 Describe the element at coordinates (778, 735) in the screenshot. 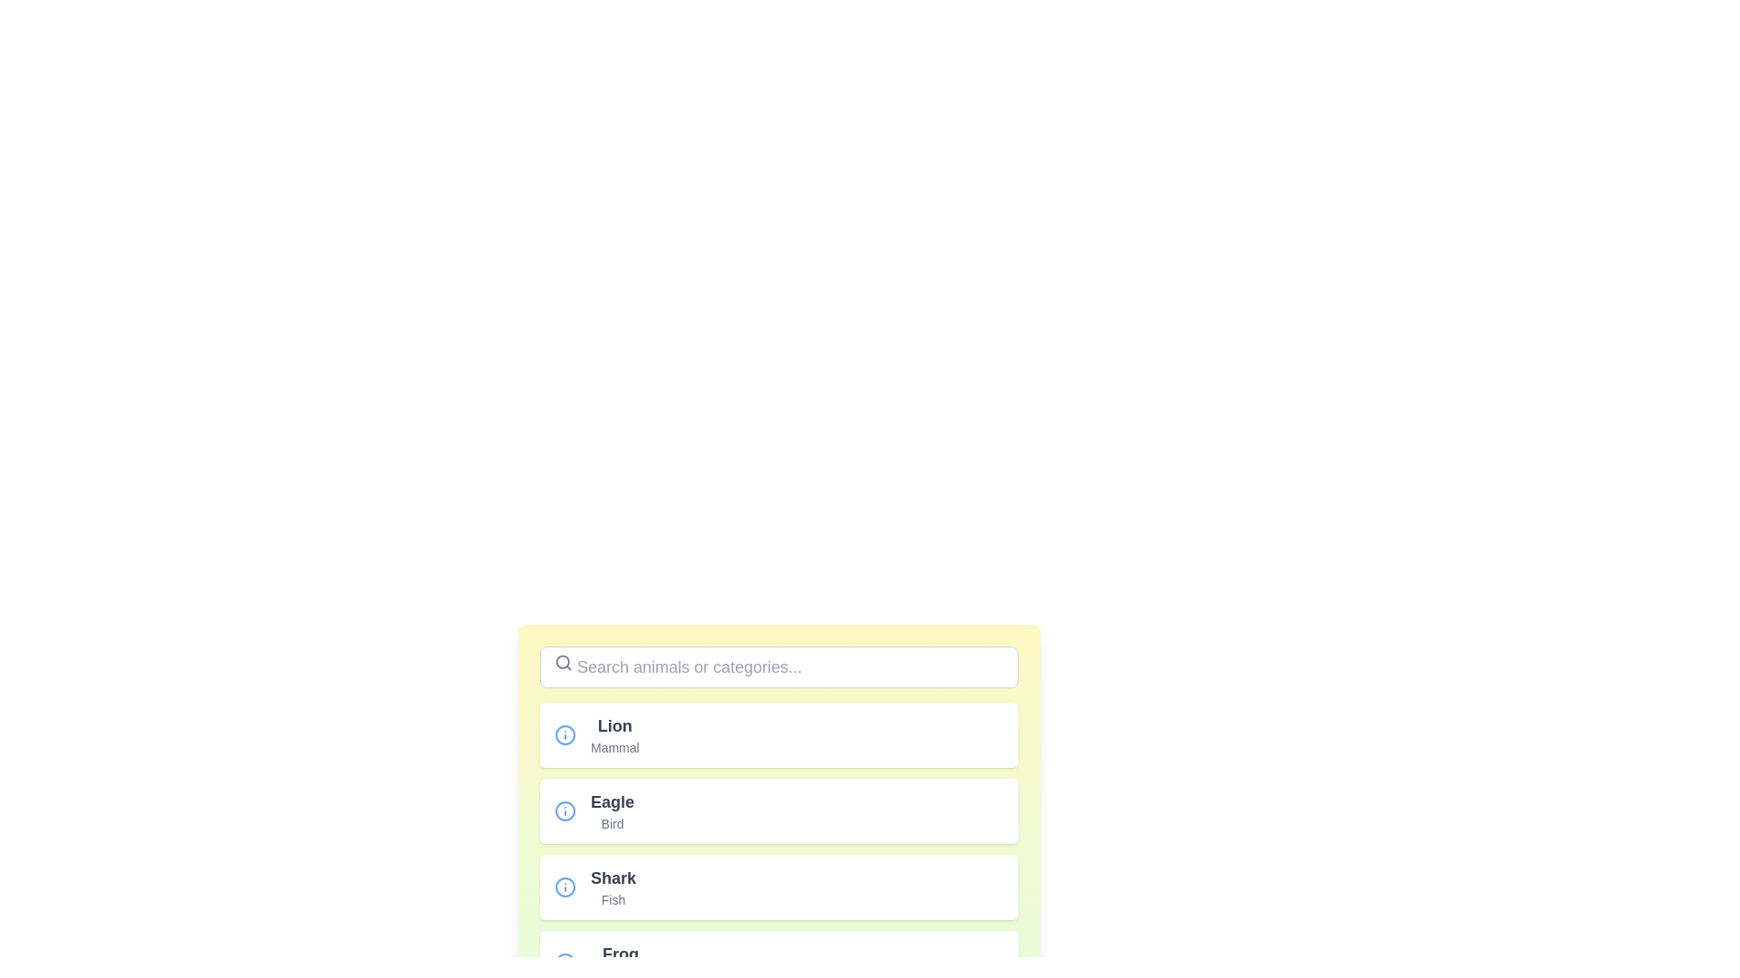

I see `the first list item labeled 'Lion - Mammal' located in the lower central part of the interface` at that location.